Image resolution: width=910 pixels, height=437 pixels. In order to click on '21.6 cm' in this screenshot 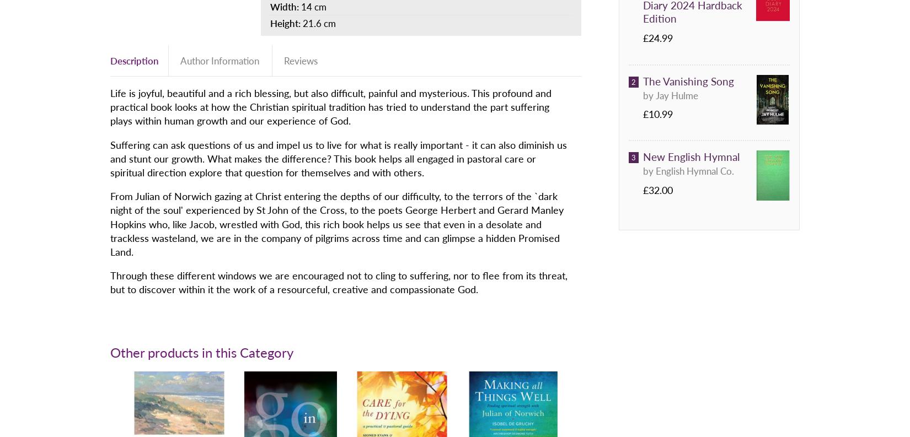, I will do `click(318, 21)`.